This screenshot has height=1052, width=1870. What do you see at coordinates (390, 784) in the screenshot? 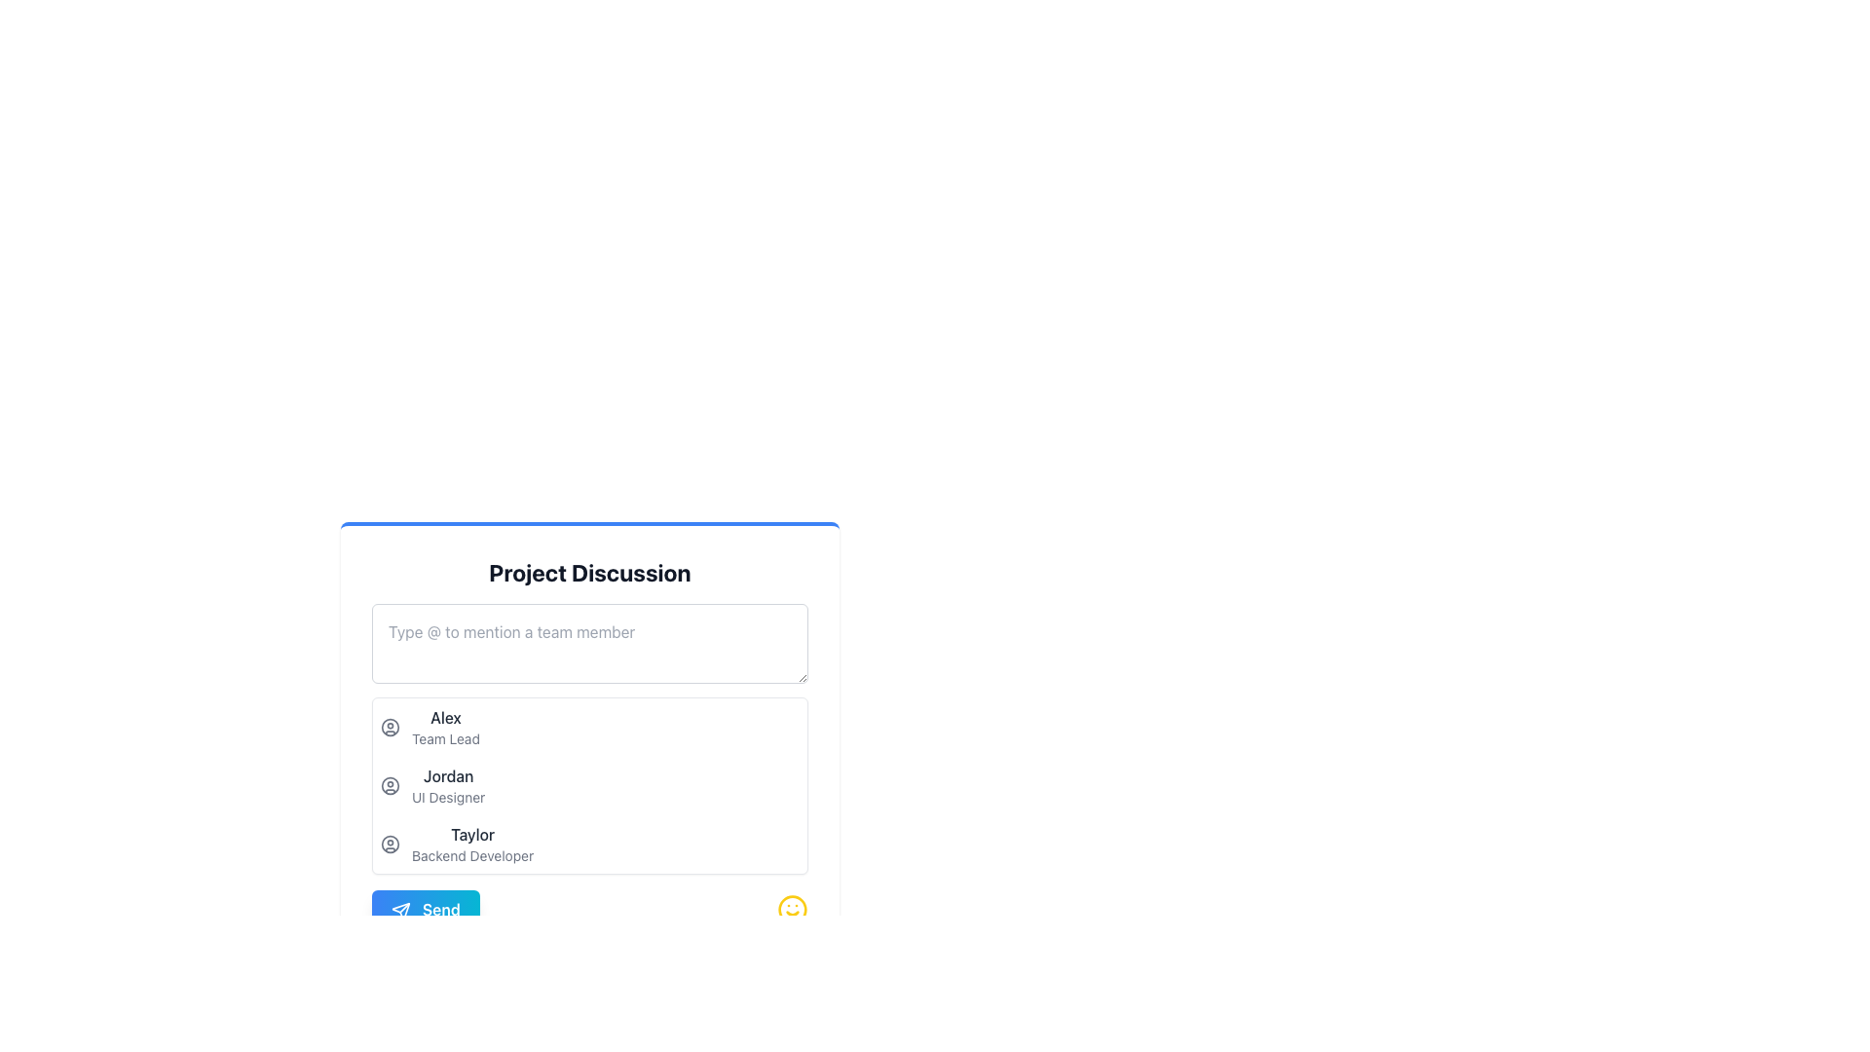
I see `the circular user icon representing 'Jordan' in the 'Project Discussion' list` at bounding box center [390, 784].